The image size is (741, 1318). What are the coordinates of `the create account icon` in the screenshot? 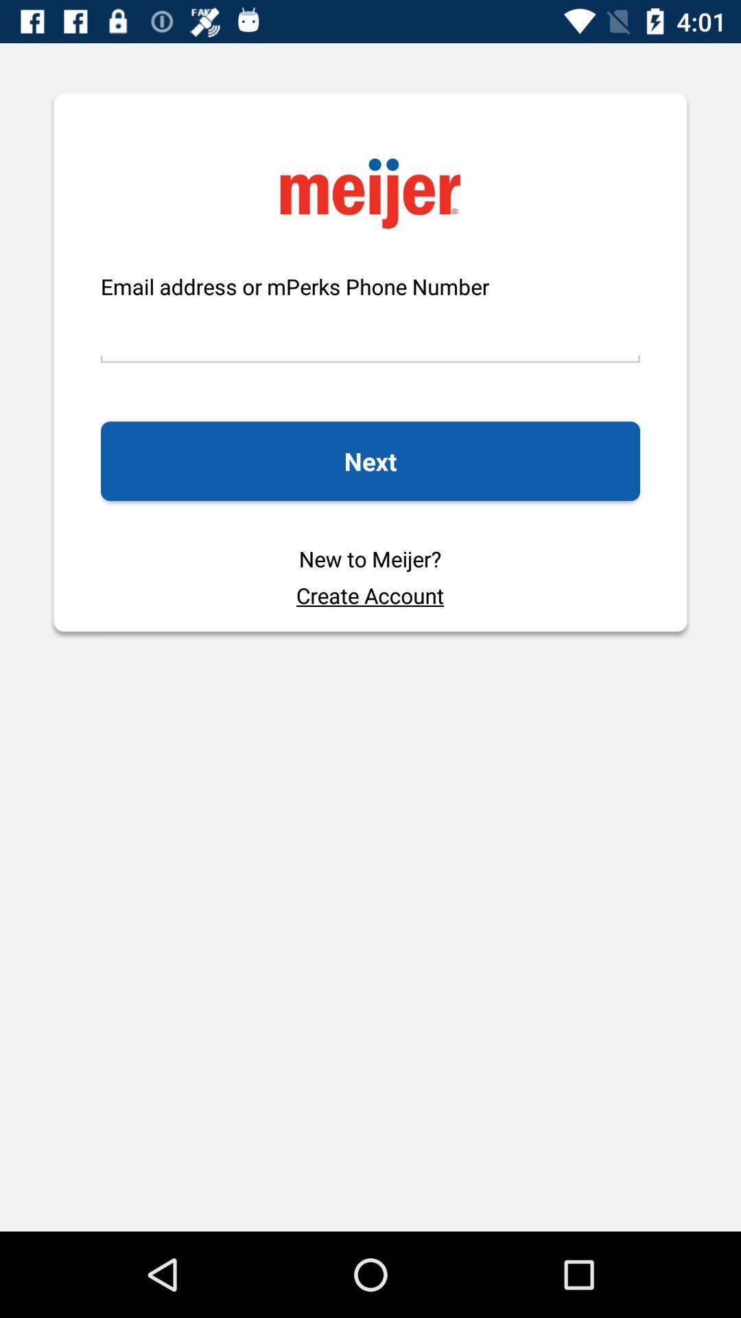 It's located at (369, 595).